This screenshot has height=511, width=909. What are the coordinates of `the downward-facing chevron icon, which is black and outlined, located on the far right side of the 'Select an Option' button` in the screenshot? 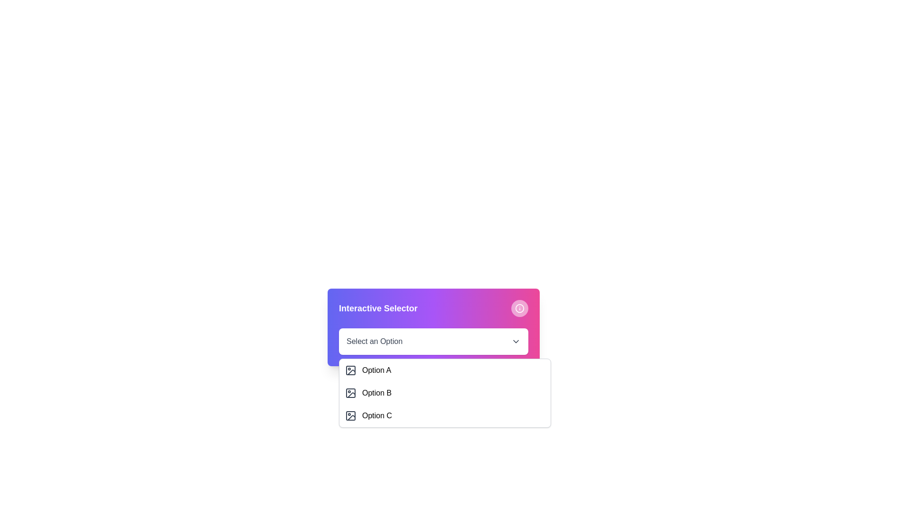 It's located at (515, 341).